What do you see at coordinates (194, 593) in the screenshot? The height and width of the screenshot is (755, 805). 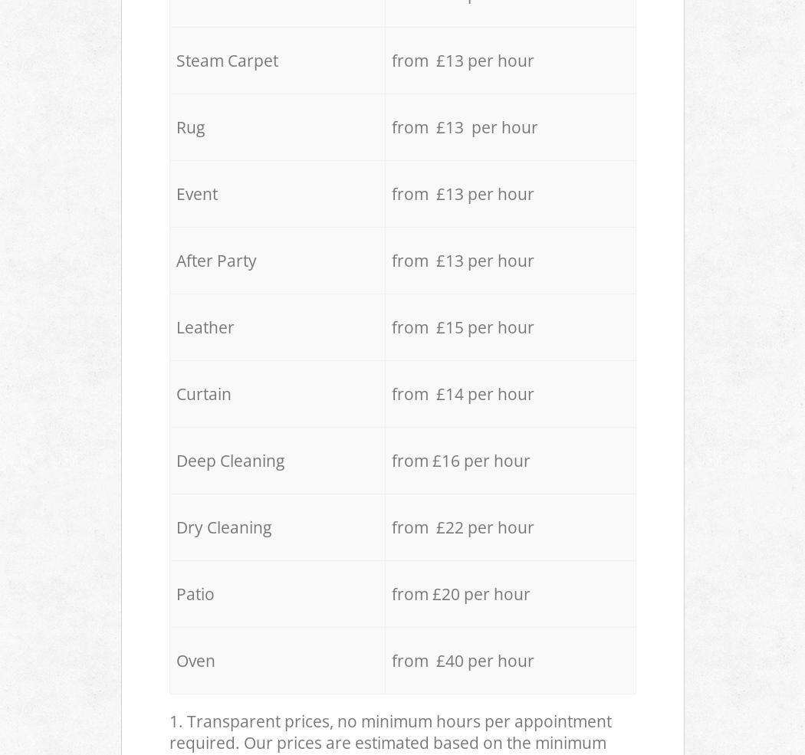 I see `'Patio'` at bounding box center [194, 593].